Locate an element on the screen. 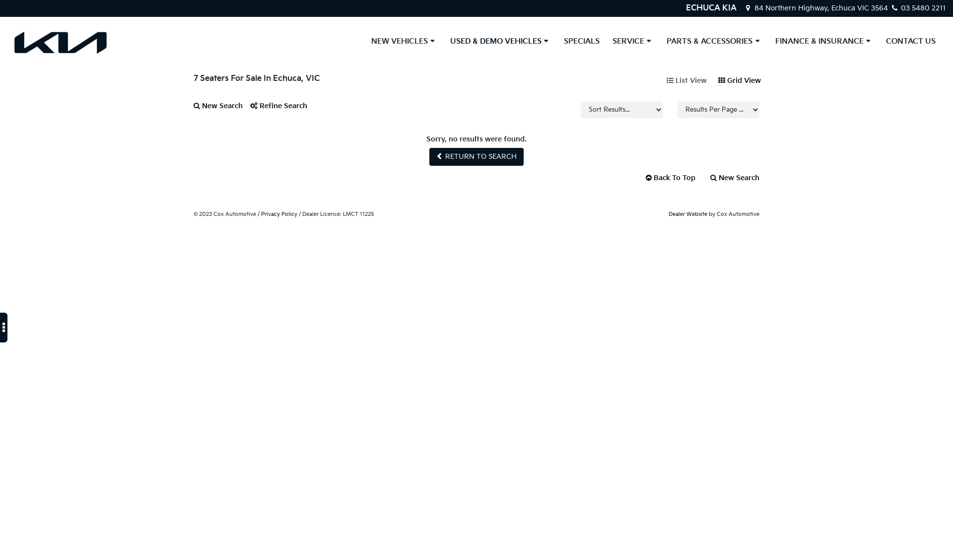 The image size is (953, 536). 'NEW VEHICLES' is located at coordinates (404, 41).